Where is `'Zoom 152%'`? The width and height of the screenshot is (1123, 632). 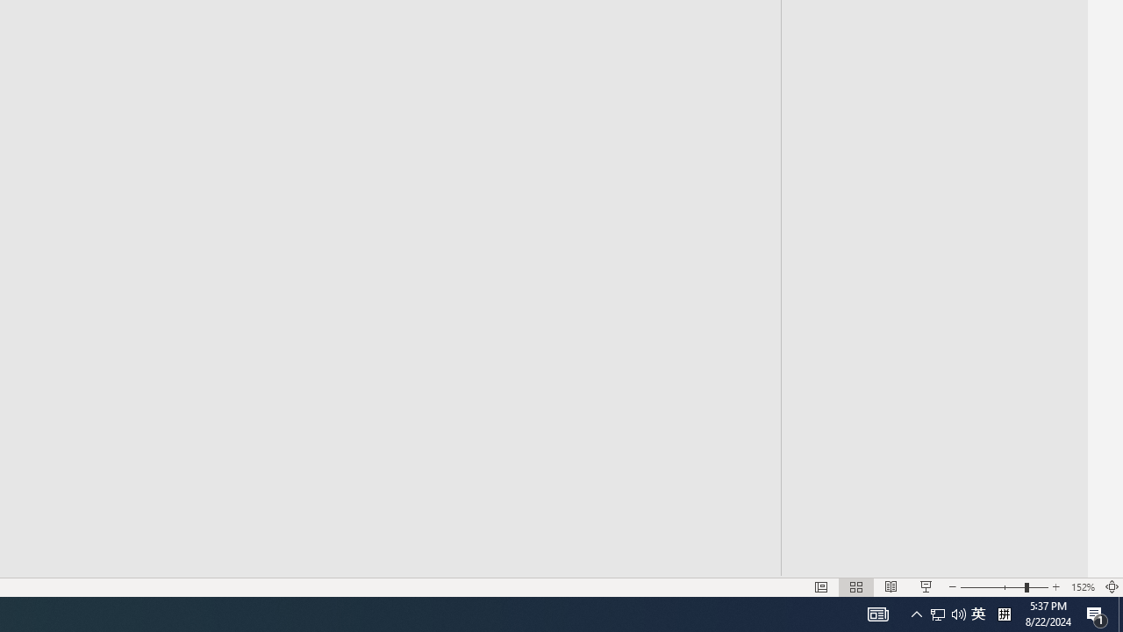 'Zoom 152%' is located at coordinates (1082, 587).